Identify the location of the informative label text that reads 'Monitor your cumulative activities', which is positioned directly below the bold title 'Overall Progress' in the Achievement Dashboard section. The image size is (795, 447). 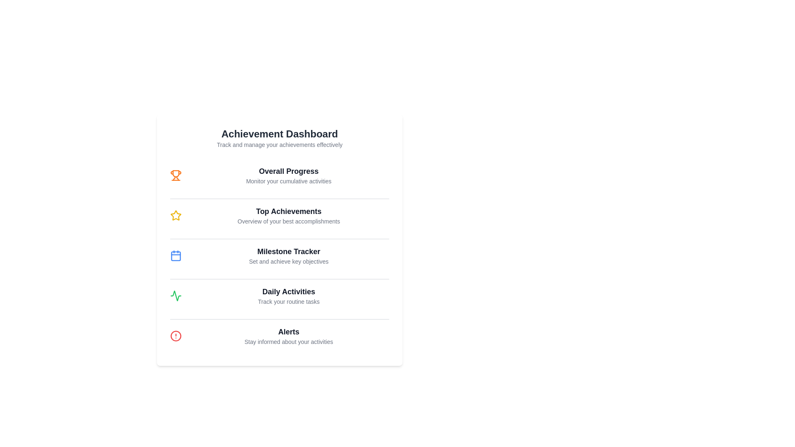
(289, 181).